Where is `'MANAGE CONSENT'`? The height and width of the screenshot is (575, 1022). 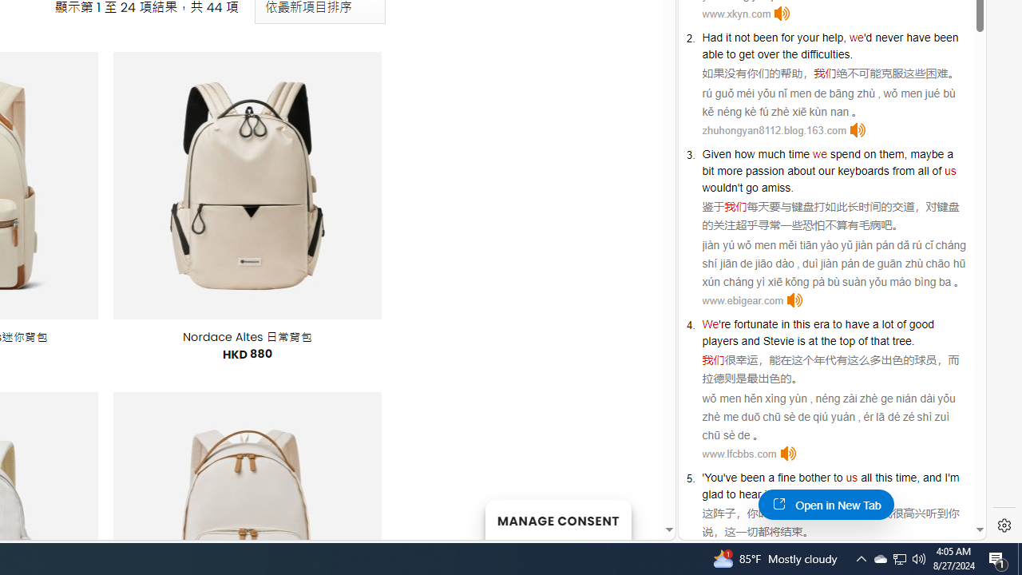
'MANAGE CONSENT' is located at coordinates (557, 519).